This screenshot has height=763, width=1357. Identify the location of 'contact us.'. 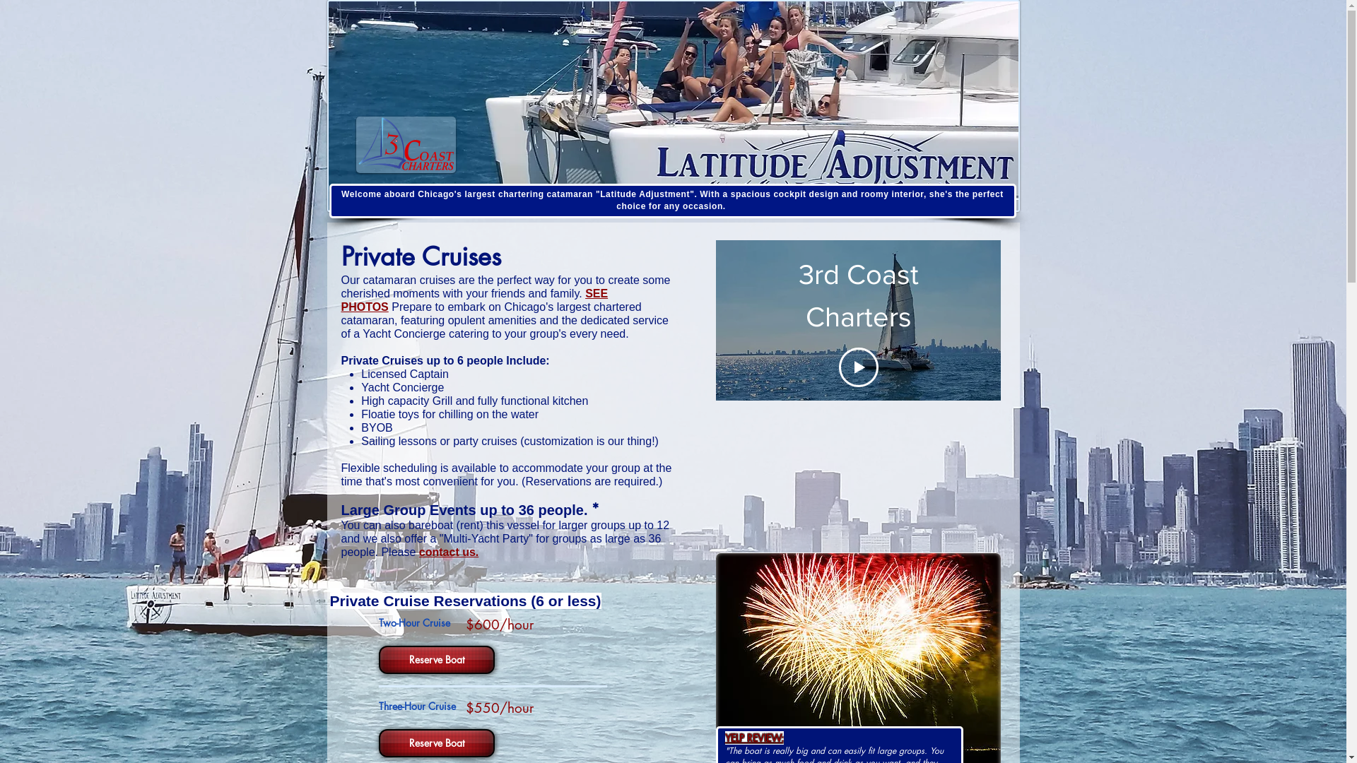
(418, 551).